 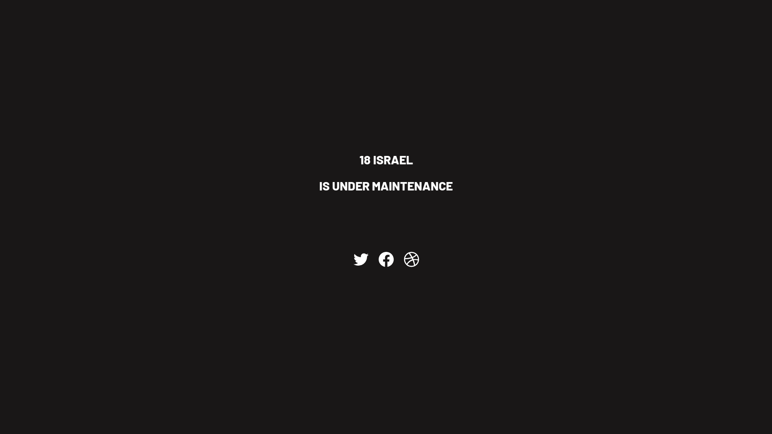 What do you see at coordinates (376, 259) in the screenshot?
I see `'Facebook'` at bounding box center [376, 259].